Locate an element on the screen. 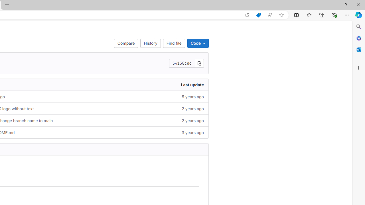  'Code' is located at coordinates (198, 43).